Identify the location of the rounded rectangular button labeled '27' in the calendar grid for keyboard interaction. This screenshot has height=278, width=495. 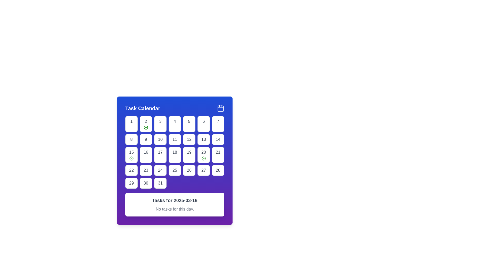
(203, 170).